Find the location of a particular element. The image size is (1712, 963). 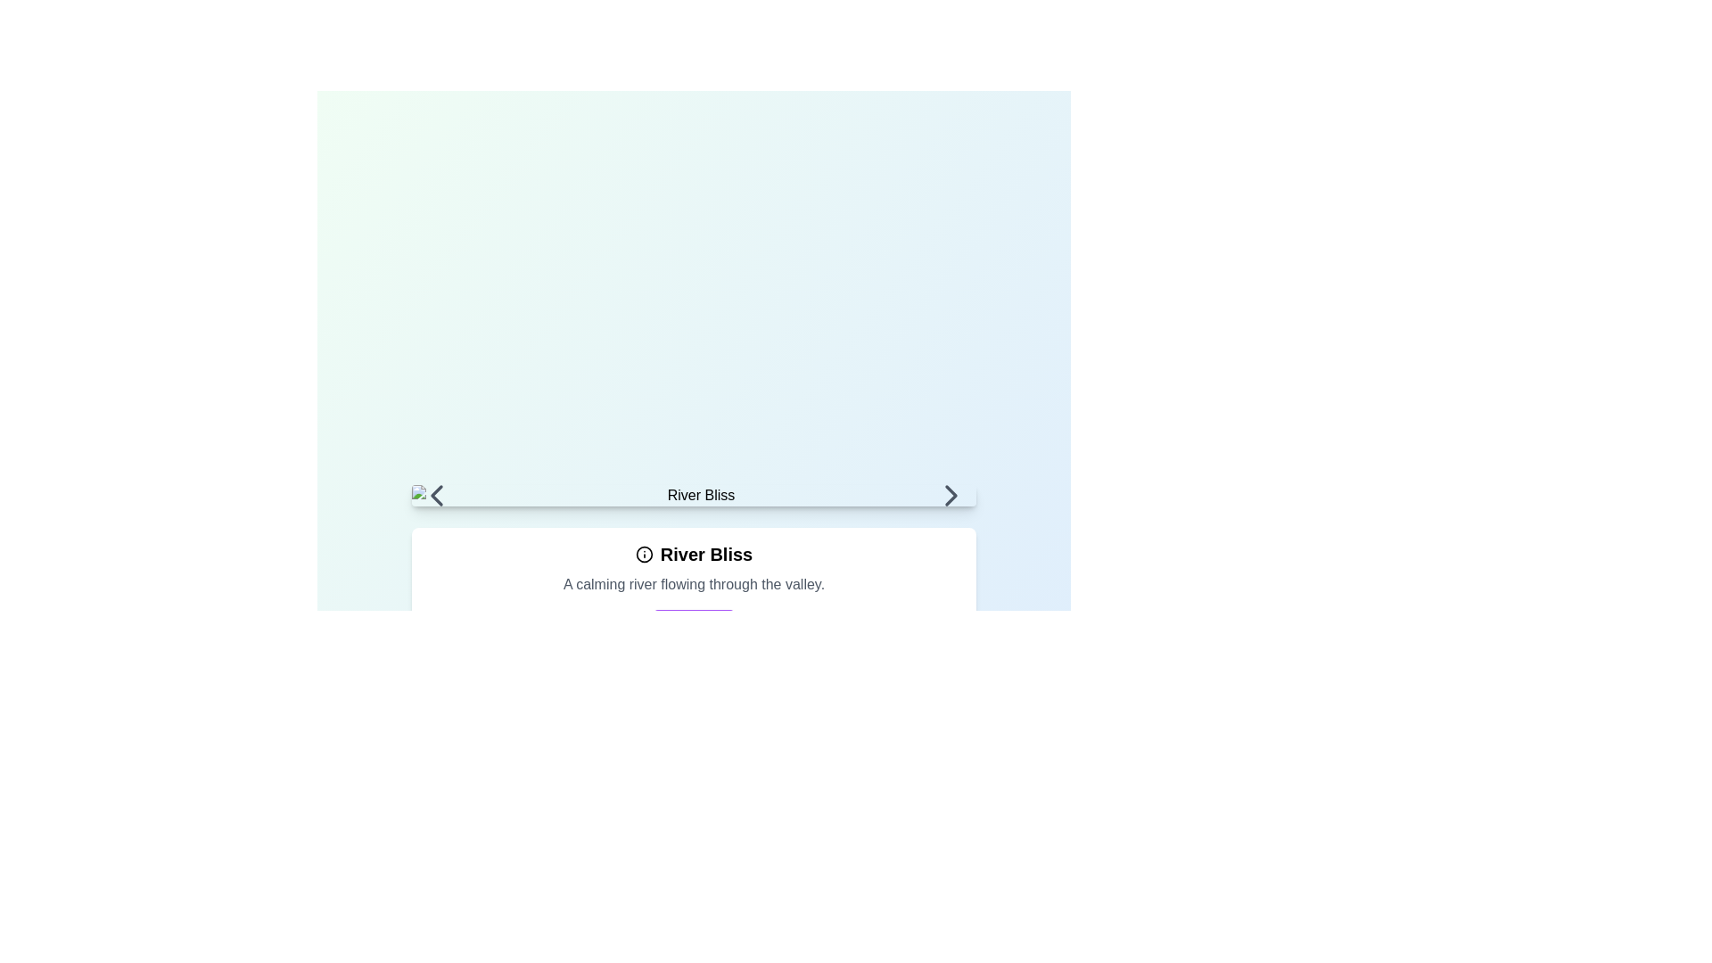

the text header element styled in bold and large font displaying 'River Bliss', located at the center-top of a rounded rectangular interface panel is located at coordinates (693, 553).